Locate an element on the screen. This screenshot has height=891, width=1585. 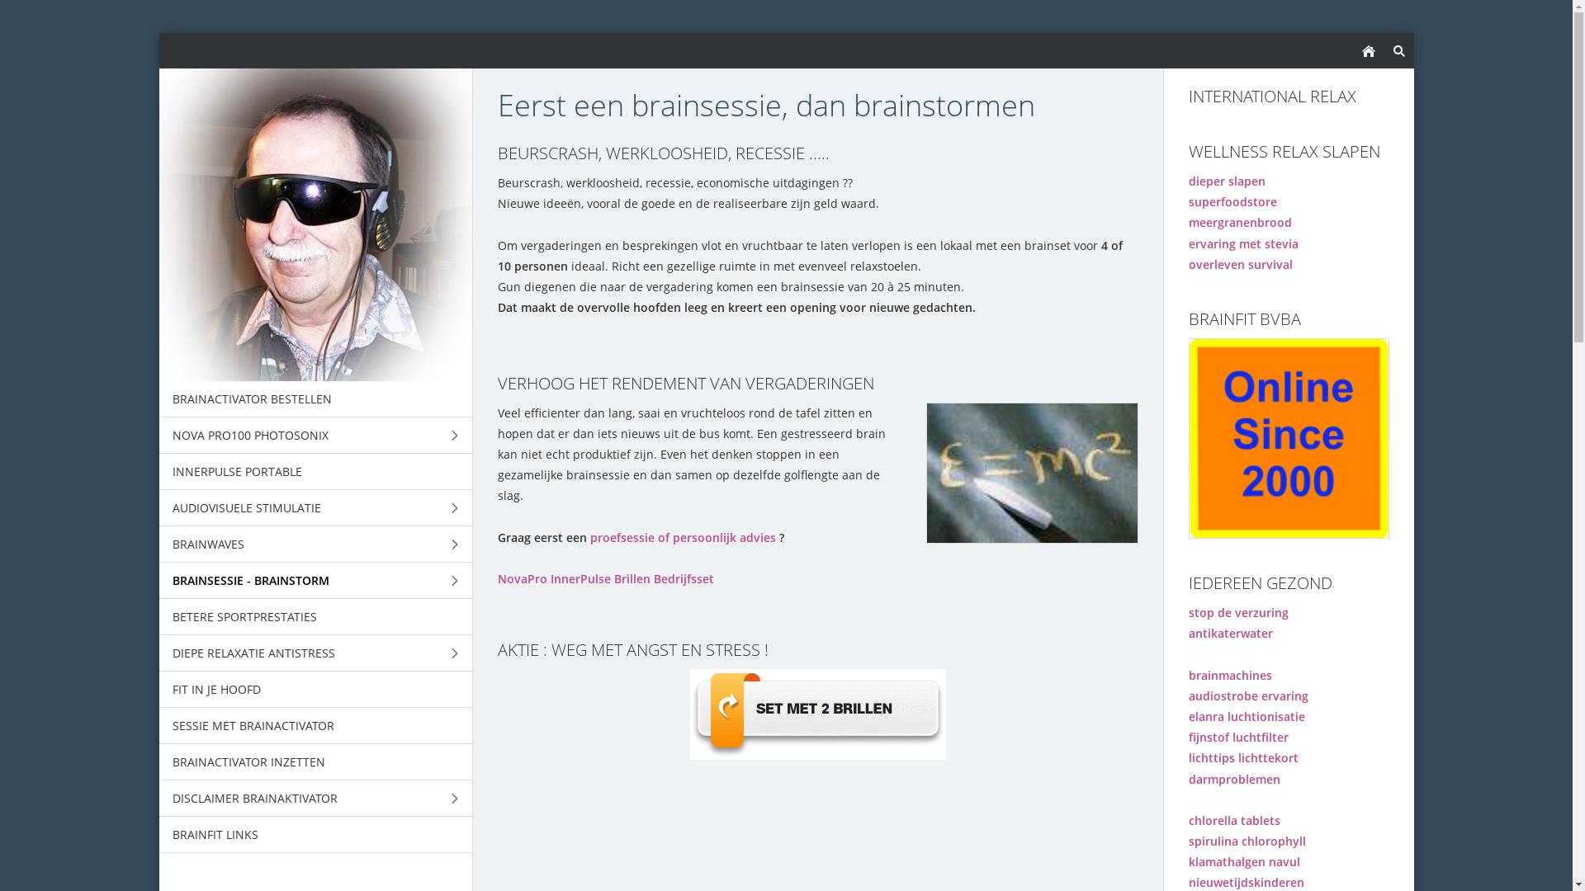
'audiostrobe ervaring' is located at coordinates (1248, 695).